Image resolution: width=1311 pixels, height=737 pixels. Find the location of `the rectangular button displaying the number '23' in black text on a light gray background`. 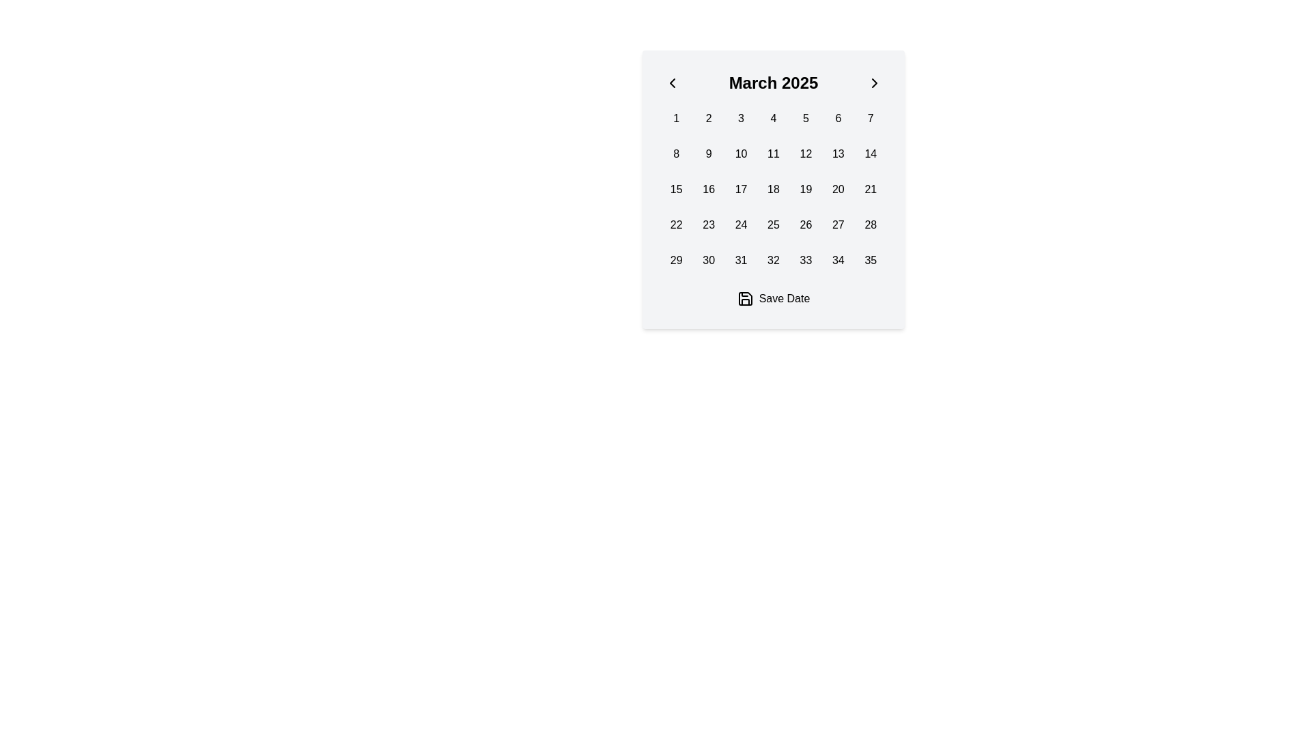

the rectangular button displaying the number '23' in black text on a light gray background is located at coordinates (708, 225).